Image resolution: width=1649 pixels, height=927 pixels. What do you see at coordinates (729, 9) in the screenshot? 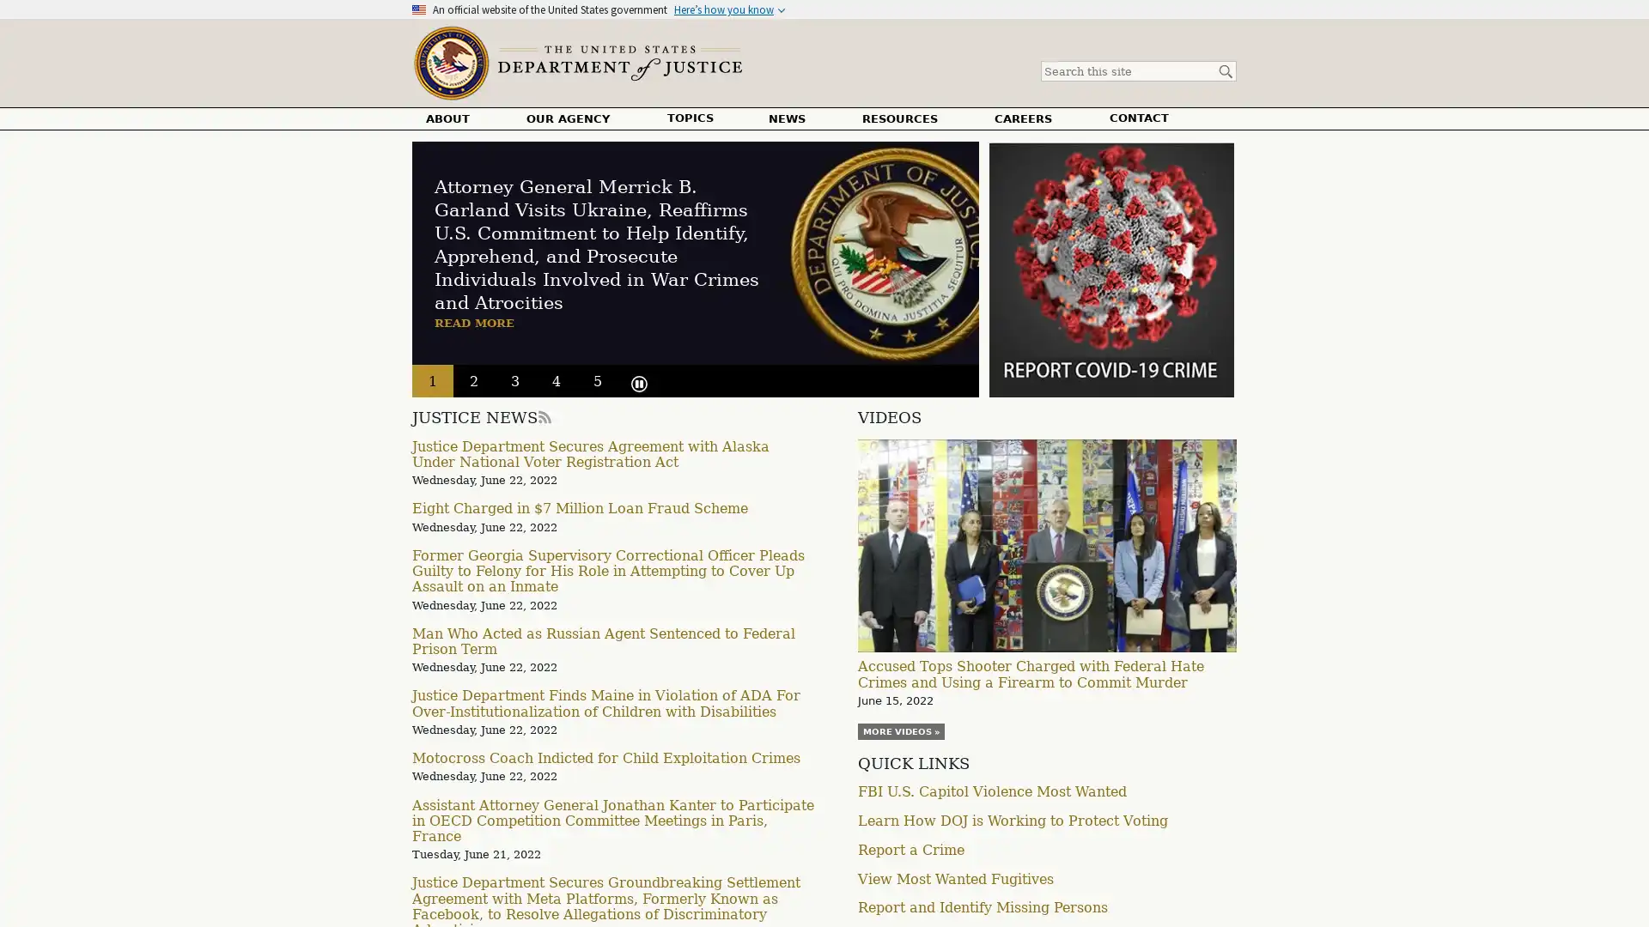
I see `Heres how you know` at bounding box center [729, 9].